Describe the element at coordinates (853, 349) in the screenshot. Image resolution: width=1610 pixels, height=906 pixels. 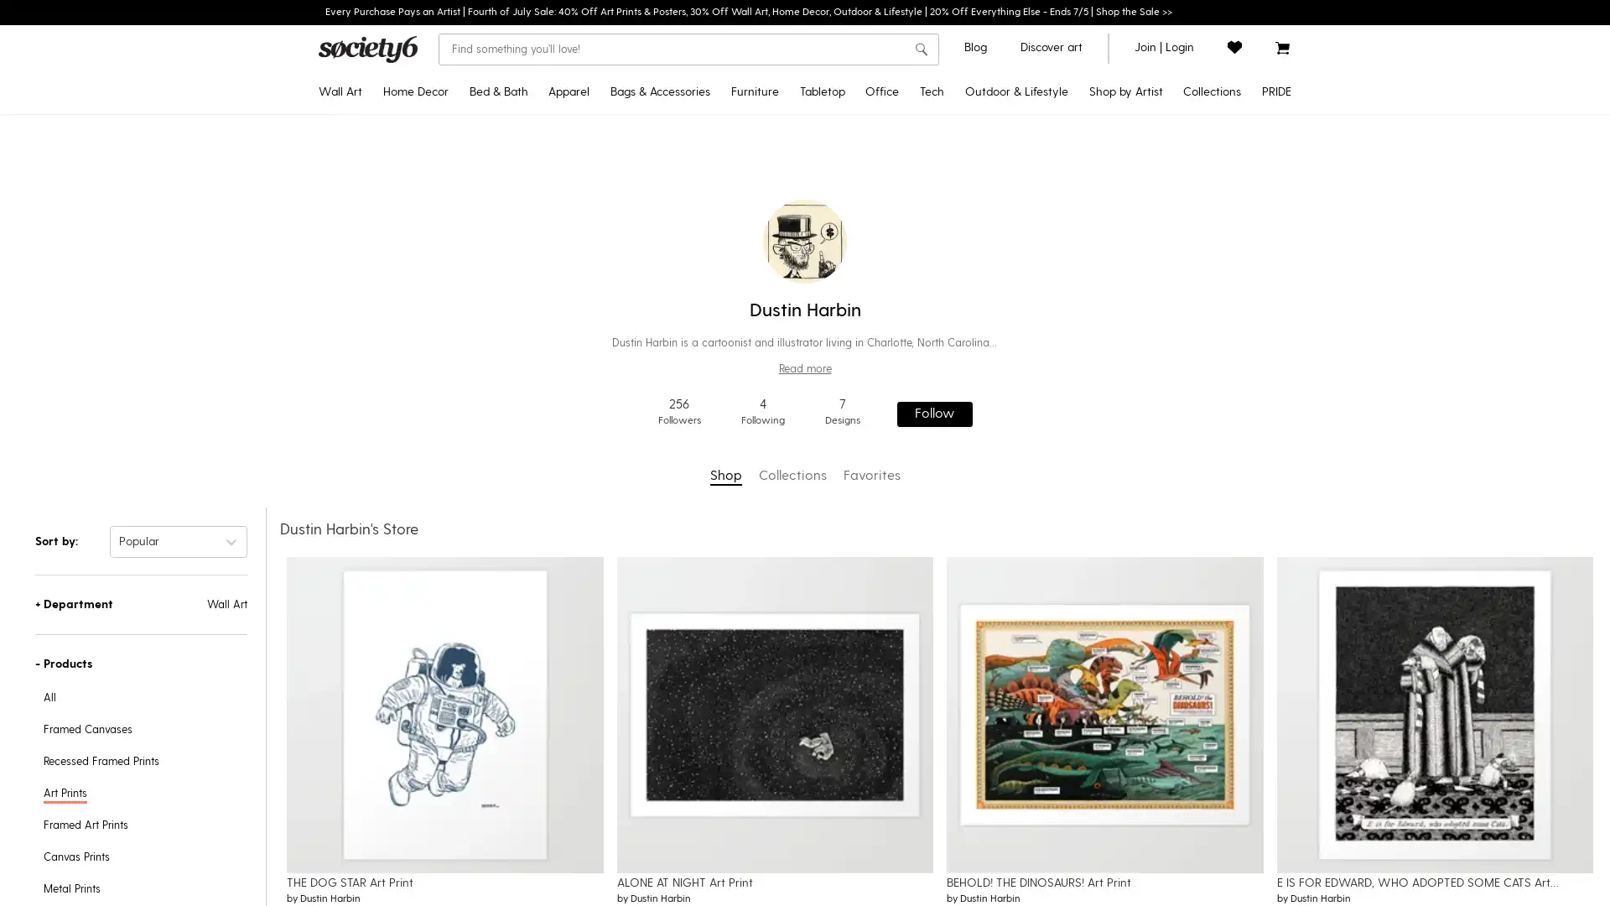
I see `Cutting Boards` at that location.